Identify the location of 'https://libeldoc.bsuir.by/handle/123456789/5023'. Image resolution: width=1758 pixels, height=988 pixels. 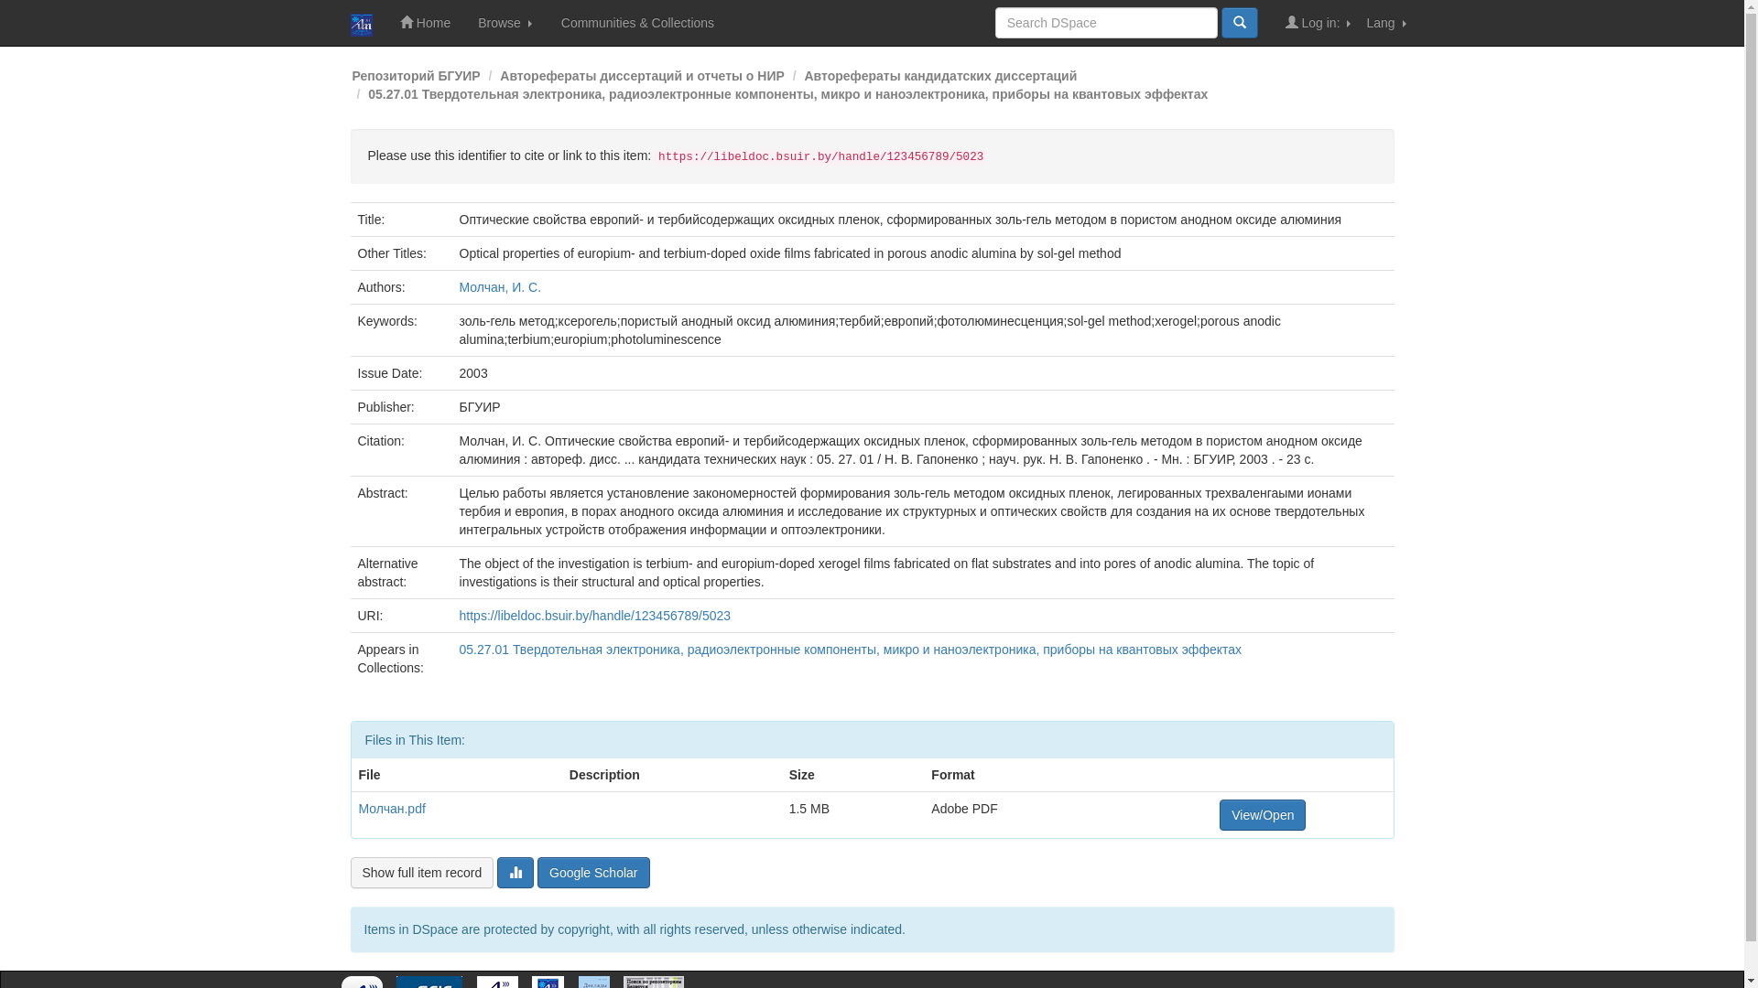
(595, 615).